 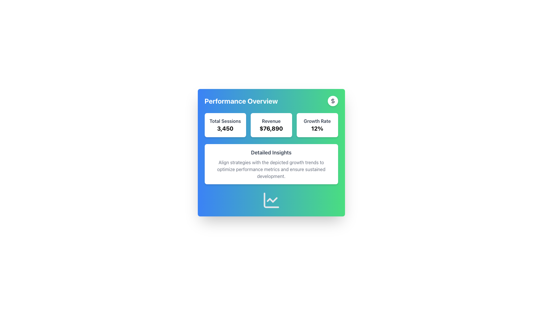 What do you see at coordinates (271, 125) in the screenshot?
I see `the 'Revenue' data card, which is a card-style UI component displaying the value '$76,890' in bold black font, located centrally within a grid layout` at bounding box center [271, 125].